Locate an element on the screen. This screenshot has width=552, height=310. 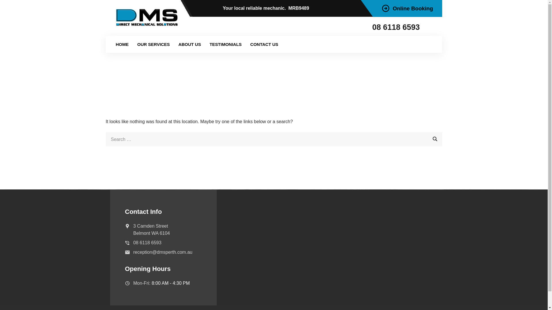
'TESTIMONIALS' is located at coordinates (205, 44).